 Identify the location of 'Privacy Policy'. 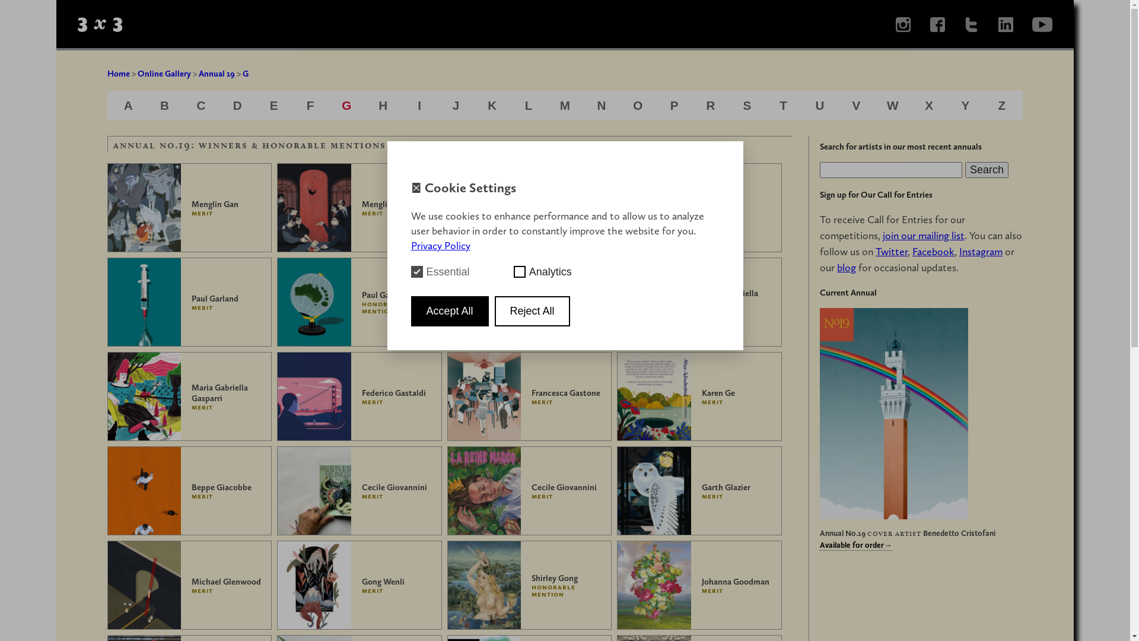
(440, 245).